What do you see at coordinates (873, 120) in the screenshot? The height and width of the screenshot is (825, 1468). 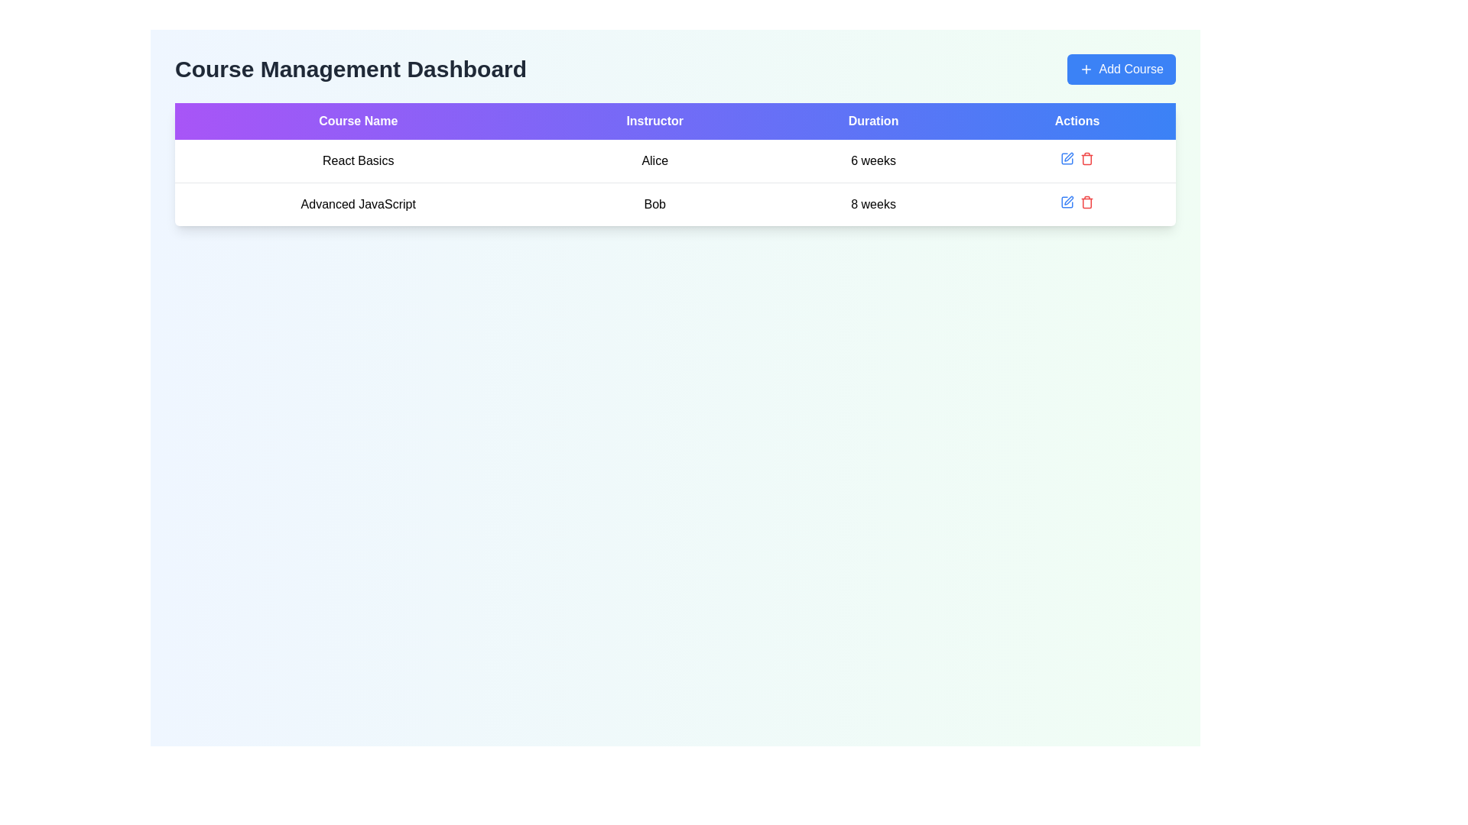 I see `text from the Column Header labeled 'Duration', which is a rectangular tab with a blue background and white text, located in the third position in a row of four tabs` at bounding box center [873, 120].